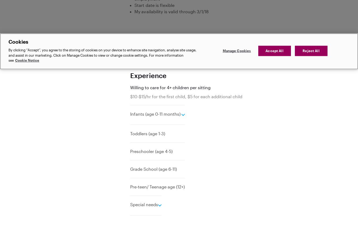 The width and height of the screenshot is (358, 230). I want to click on 'Toddlers (age 1-3)', so click(147, 133).